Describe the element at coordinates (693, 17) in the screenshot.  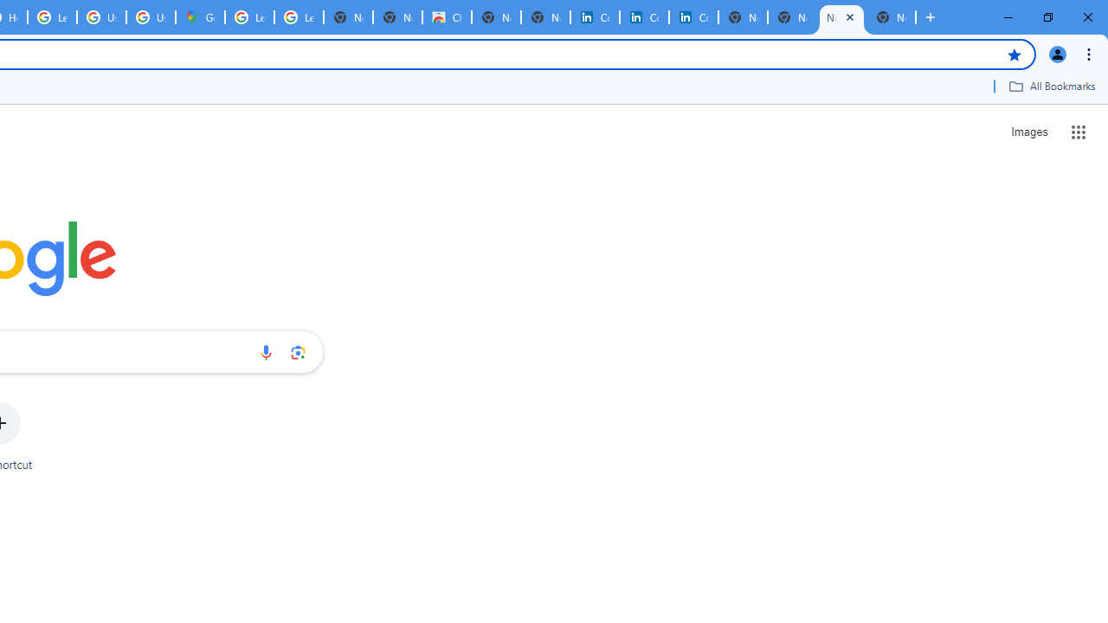
I see `'Copyright Policy'` at that location.